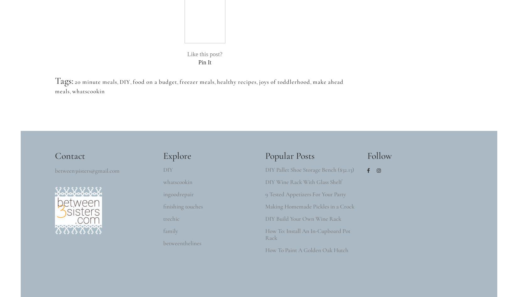 This screenshot has height=297, width=518. Describe the element at coordinates (154, 81) in the screenshot. I see `'food on a budget'` at that location.